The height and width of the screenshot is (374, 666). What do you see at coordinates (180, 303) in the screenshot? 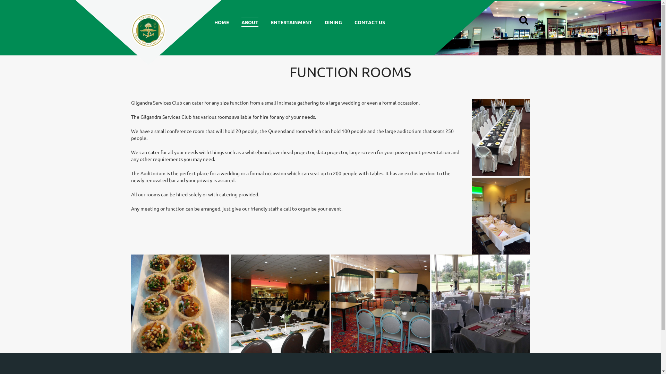
I see `'canapes'` at bounding box center [180, 303].